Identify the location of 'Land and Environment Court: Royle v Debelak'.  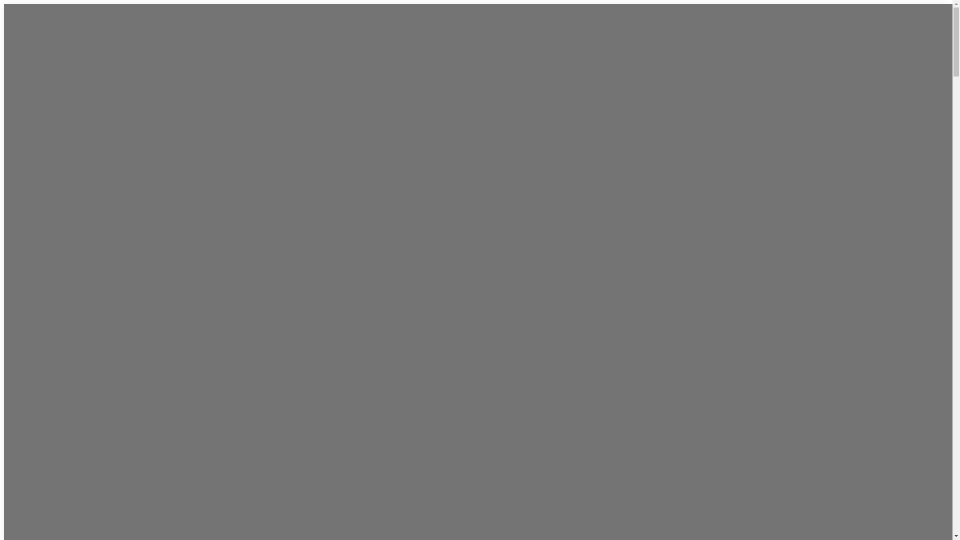
(477, 413).